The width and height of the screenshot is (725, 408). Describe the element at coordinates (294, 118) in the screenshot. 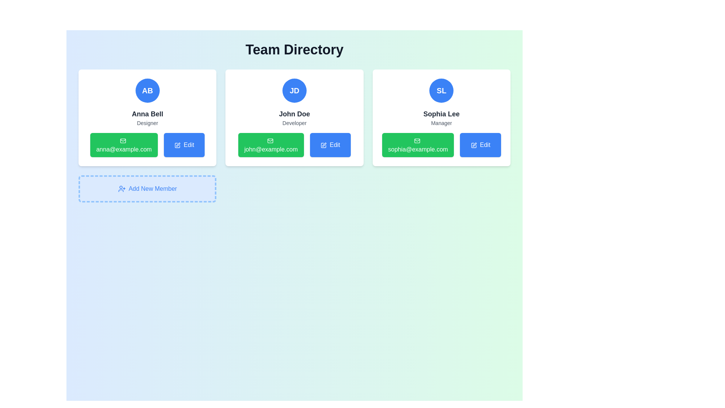

I see `the Text Display element that shows the name and role of the individual associated with the card, located in the middle card among three cards, directly below the circular avatar and above the buttons labeled 'john@example.com' and 'Edit'` at that location.